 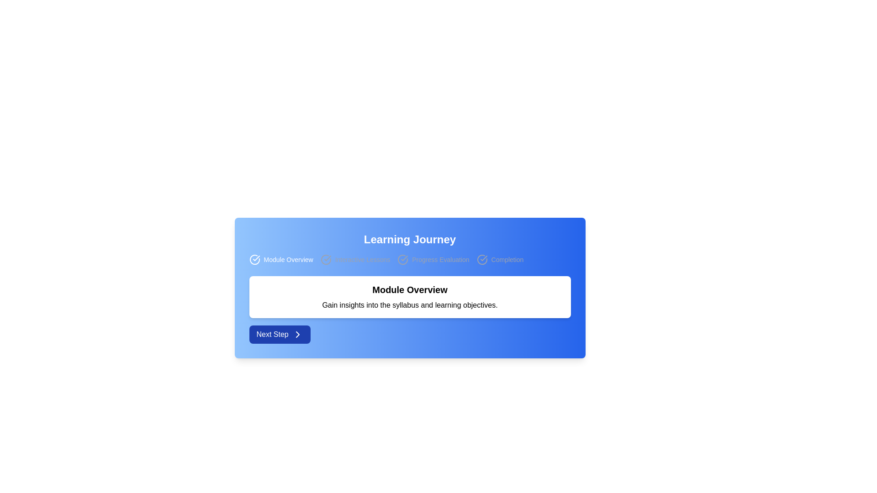 I want to click on the Text label indicating a specific stage in the Learning Journey interface, which is the second item from the left in the header section, so click(x=362, y=260).